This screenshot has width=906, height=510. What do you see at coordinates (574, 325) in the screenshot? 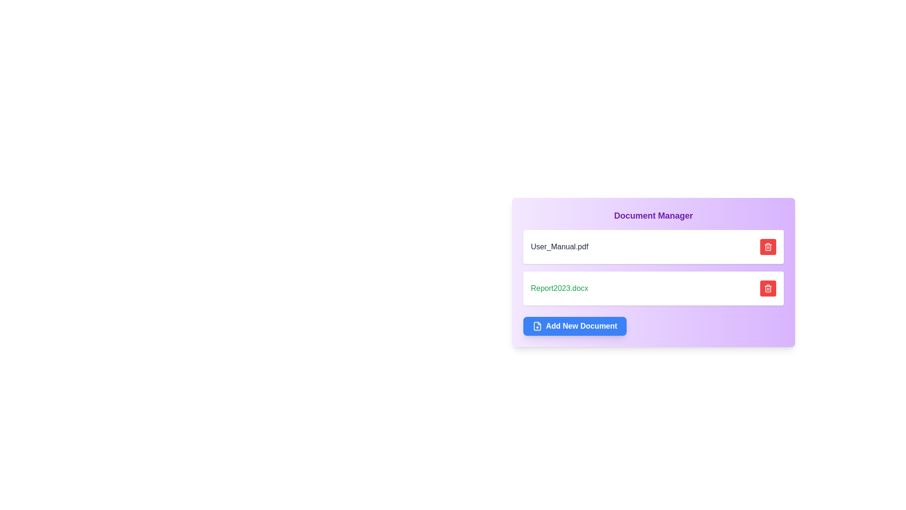
I see `the blue rectangular button labeled 'Add New Document' to change its color, located at the bottom-center of the 'Document Manager' panel` at bounding box center [574, 325].